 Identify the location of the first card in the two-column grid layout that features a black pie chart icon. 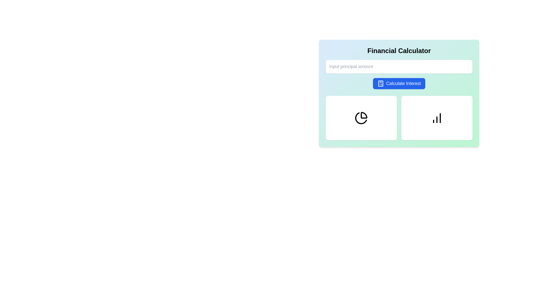
(361, 117).